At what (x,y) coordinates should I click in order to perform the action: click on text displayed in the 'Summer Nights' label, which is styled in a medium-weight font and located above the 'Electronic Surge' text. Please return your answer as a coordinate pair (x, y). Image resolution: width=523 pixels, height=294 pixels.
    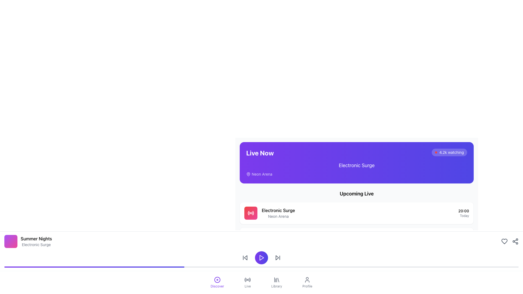
    Looking at the image, I should click on (36, 238).